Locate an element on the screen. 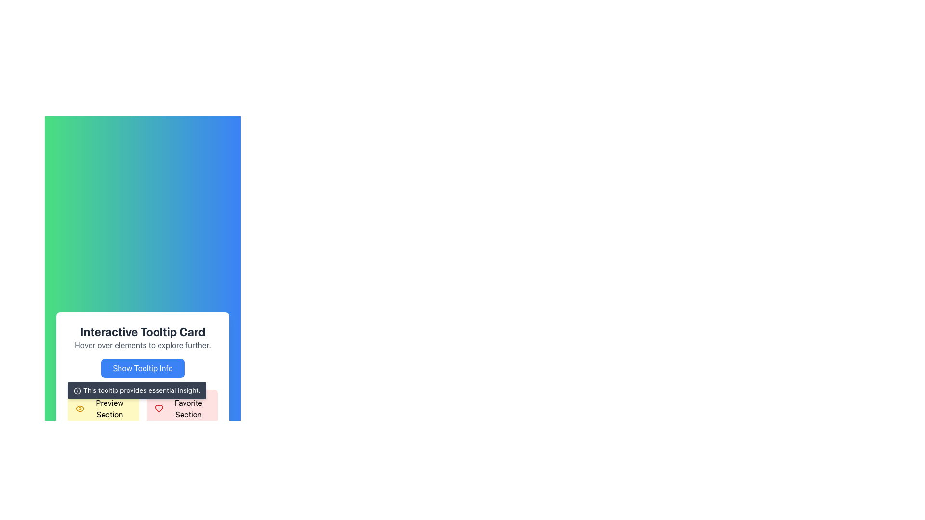 The image size is (925, 520). the information icon located to the left of the text in the tooltip box that states 'This tooltip provides essential insight' is located at coordinates (78, 391).